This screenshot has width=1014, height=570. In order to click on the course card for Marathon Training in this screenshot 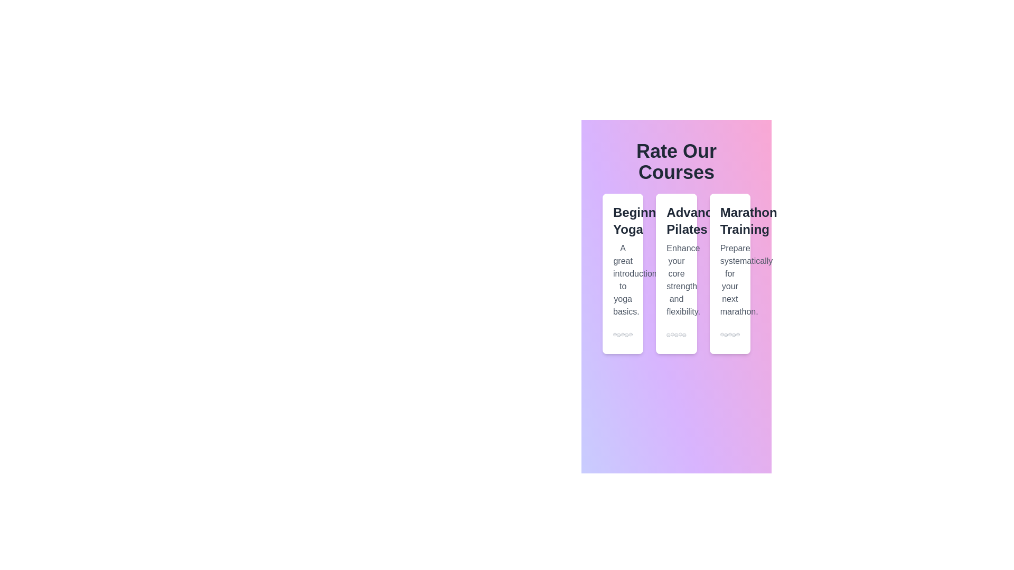, I will do `click(729, 273)`.